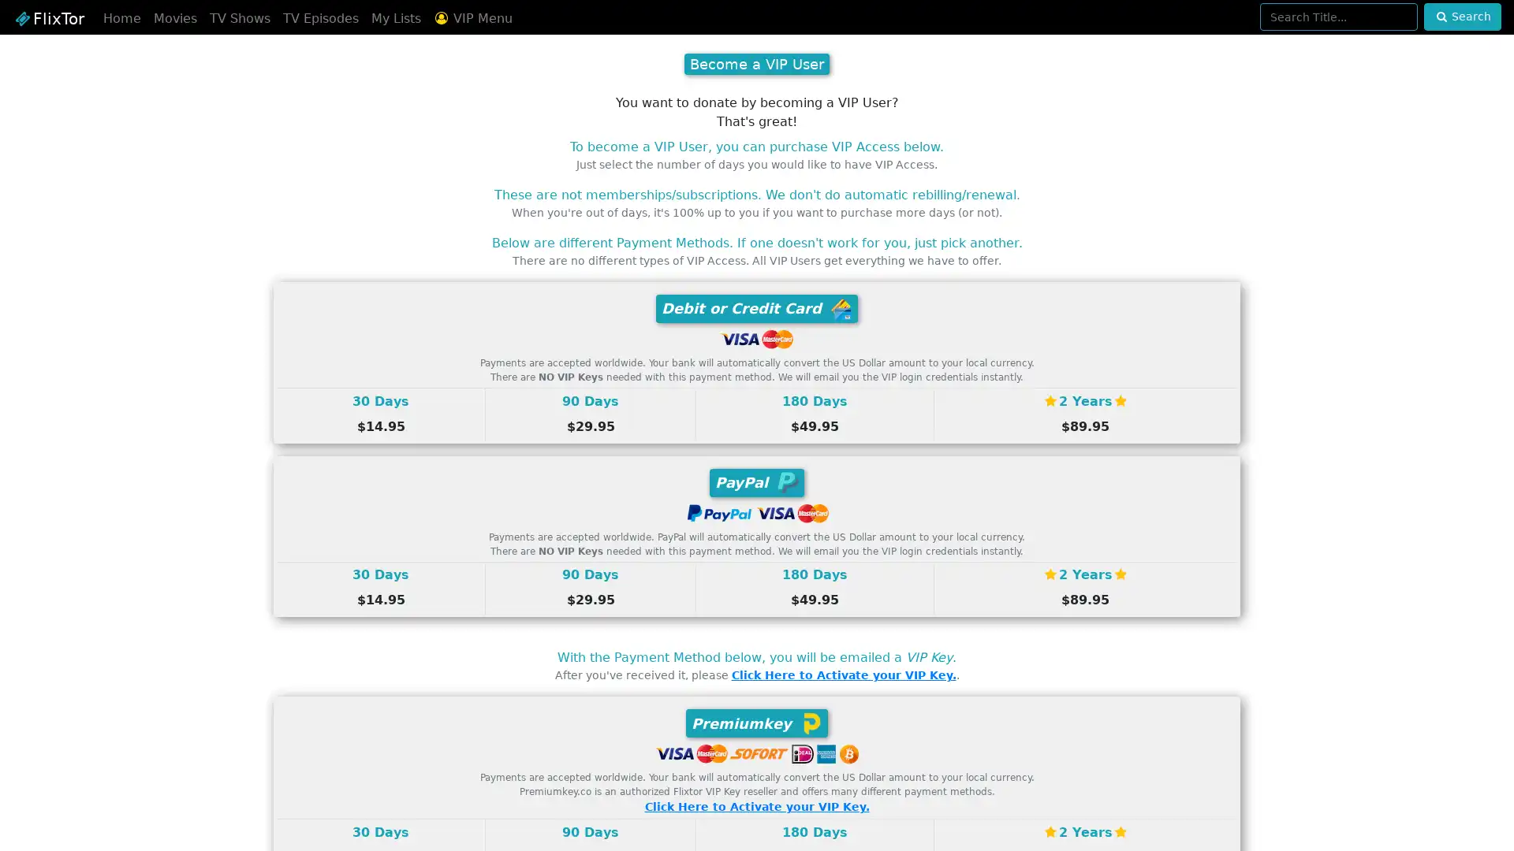 The image size is (1514, 851). I want to click on VIP Menu, so click(472, 18).